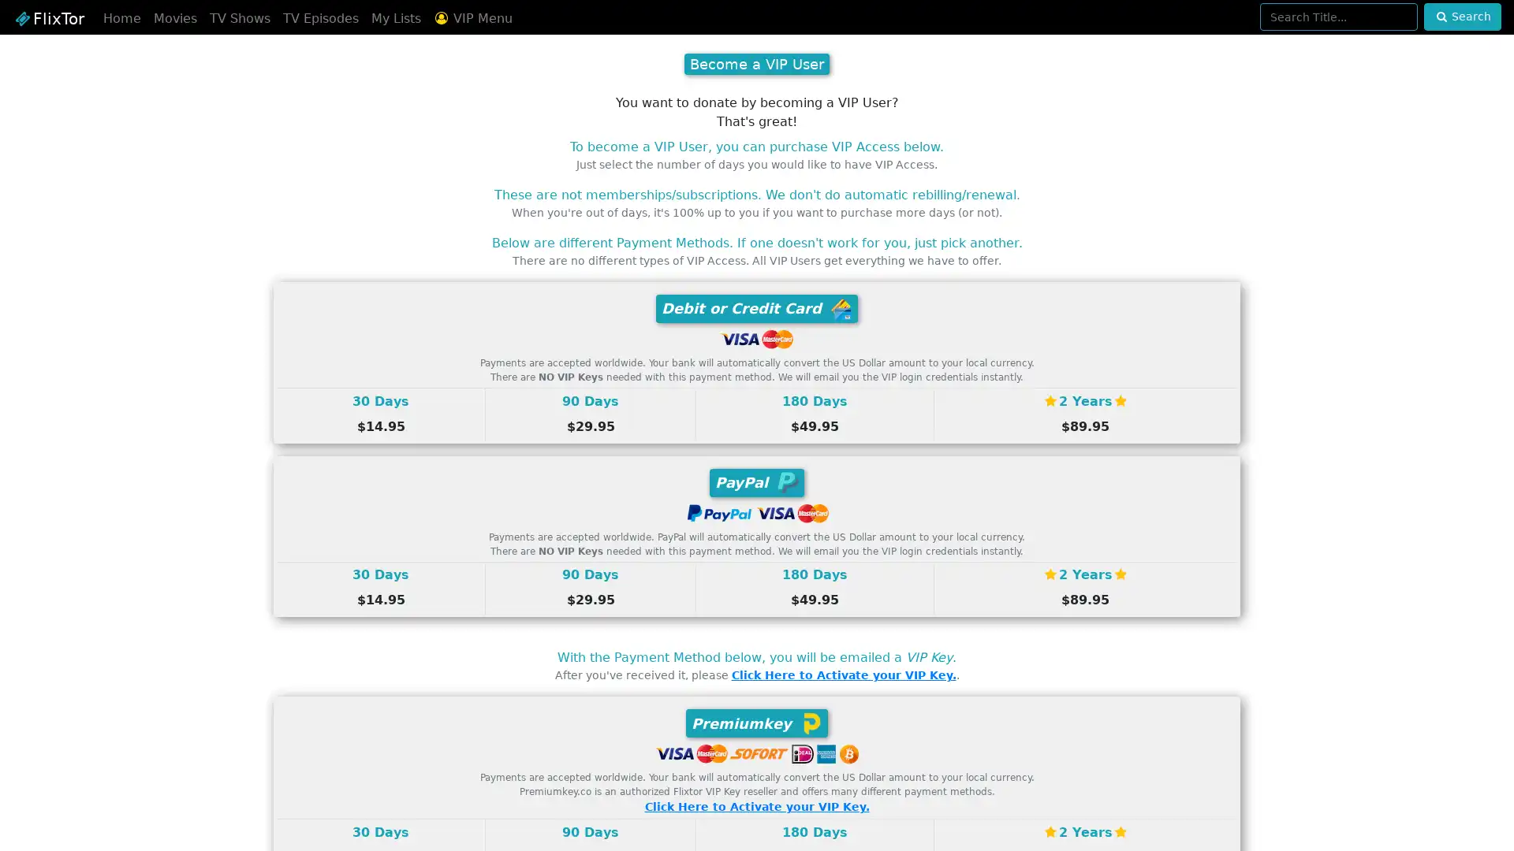 The image size is (1514, 851). I want to click on VIP Menu, so click(472, 18).